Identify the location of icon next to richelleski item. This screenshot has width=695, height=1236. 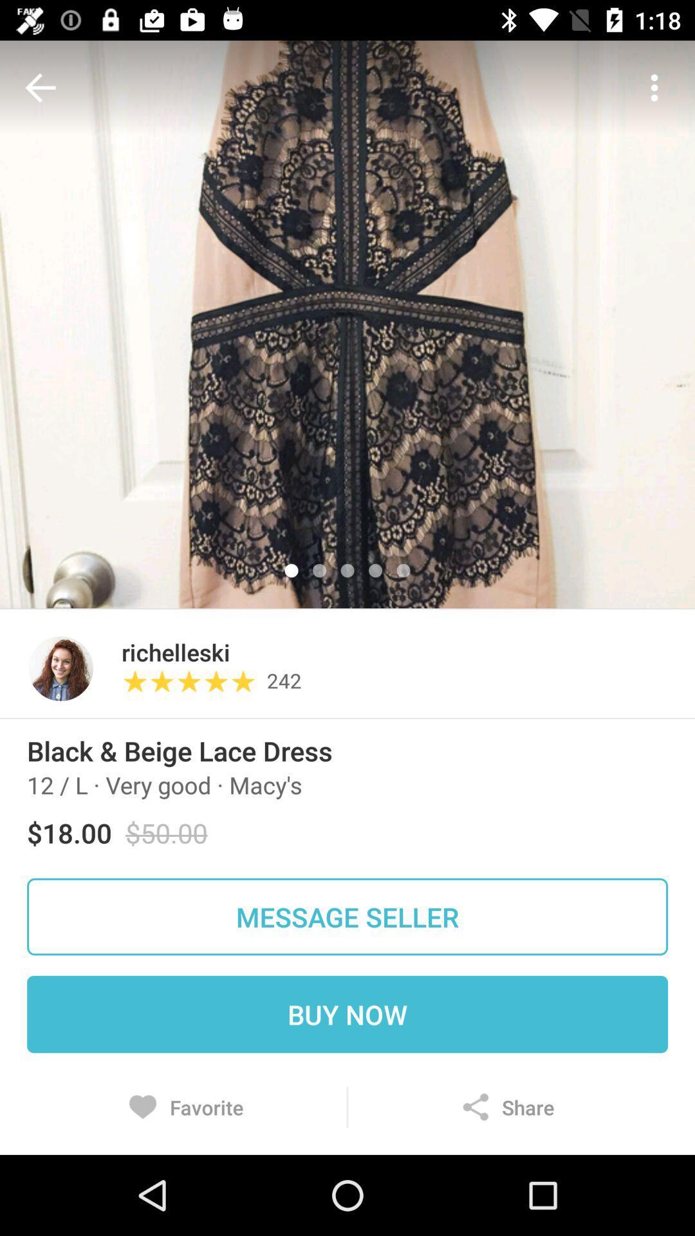
(60, 668).